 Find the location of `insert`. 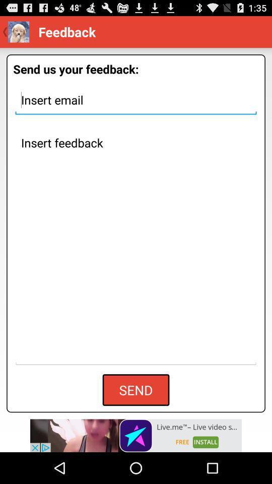

insert is located at coordinates (136, 100).